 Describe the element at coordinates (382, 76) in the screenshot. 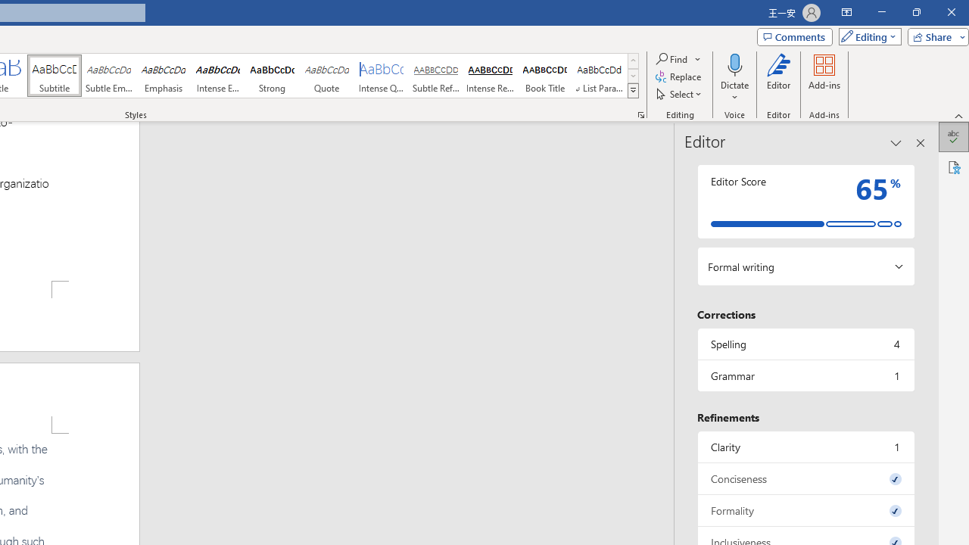

I see `'Intense Quote'` at that location.